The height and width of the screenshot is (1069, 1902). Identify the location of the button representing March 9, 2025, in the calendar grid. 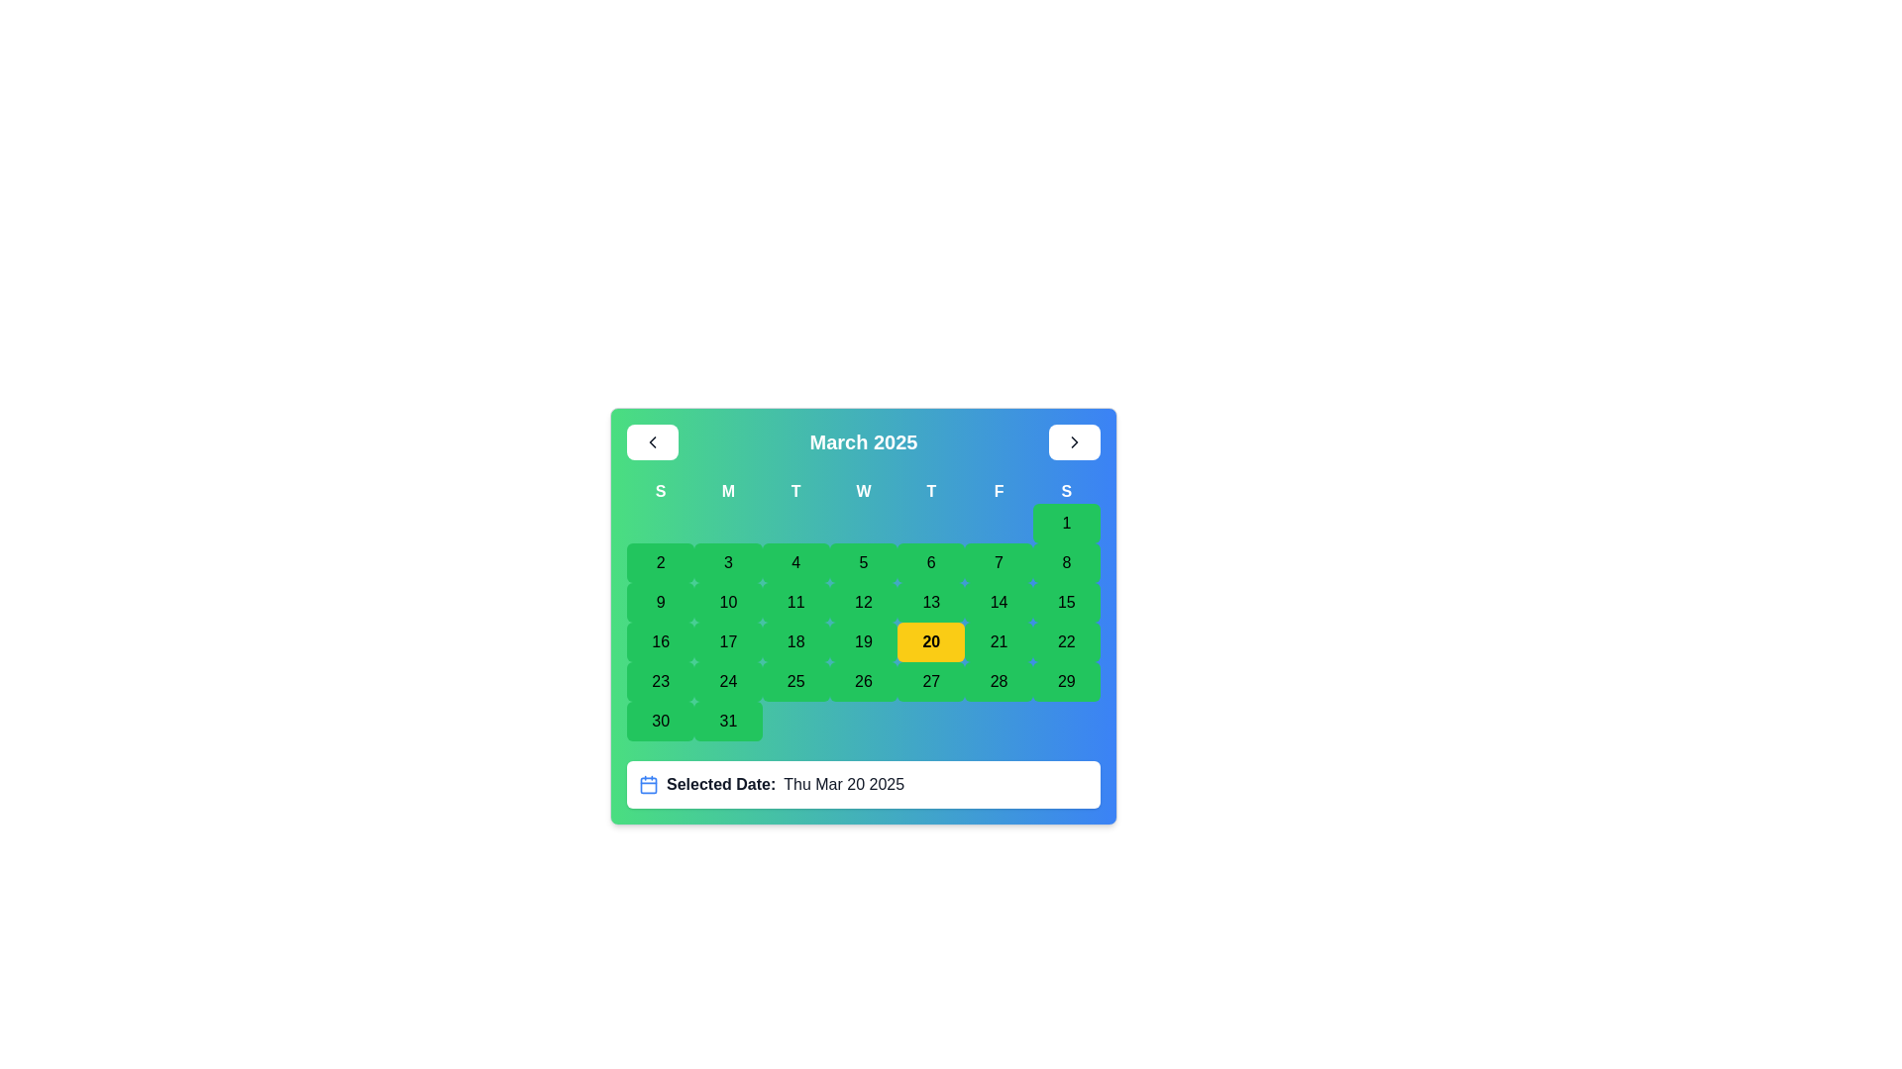
(661, 602).